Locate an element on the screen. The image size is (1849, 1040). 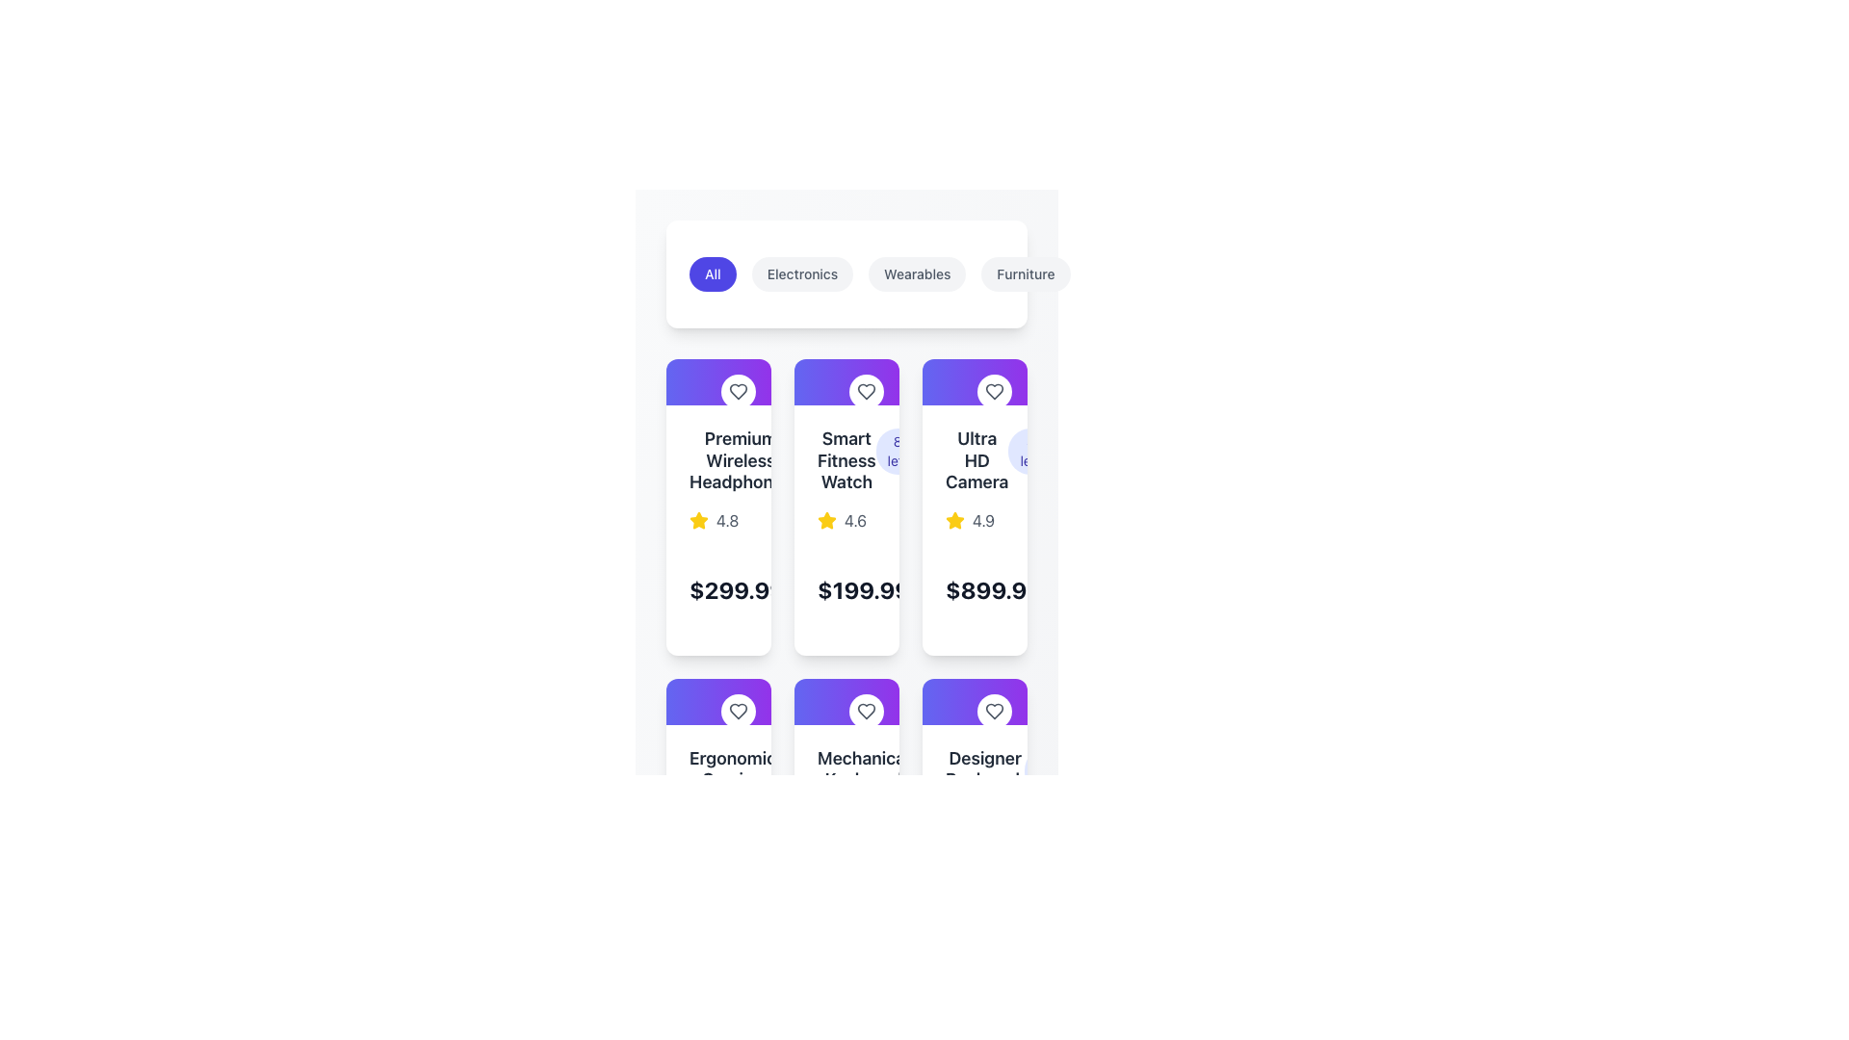
the 'Add to Cart' button on the Product Listing Card for the ergonomic gaming chair, which is located in the bottom left section of the grid layout is located at coordinates (717, 825).